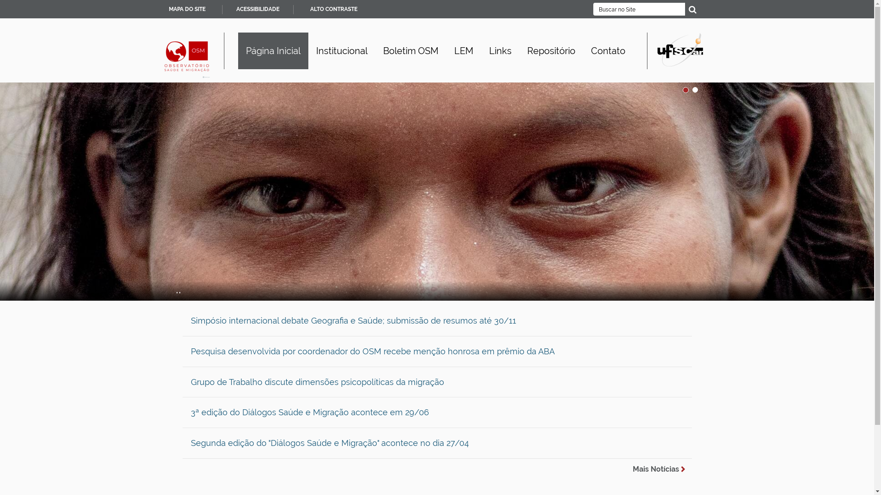 The image size is (881, 495). Describe the element at coordinates (499, 51) in the screenshot. I see `'Links'` at that location.